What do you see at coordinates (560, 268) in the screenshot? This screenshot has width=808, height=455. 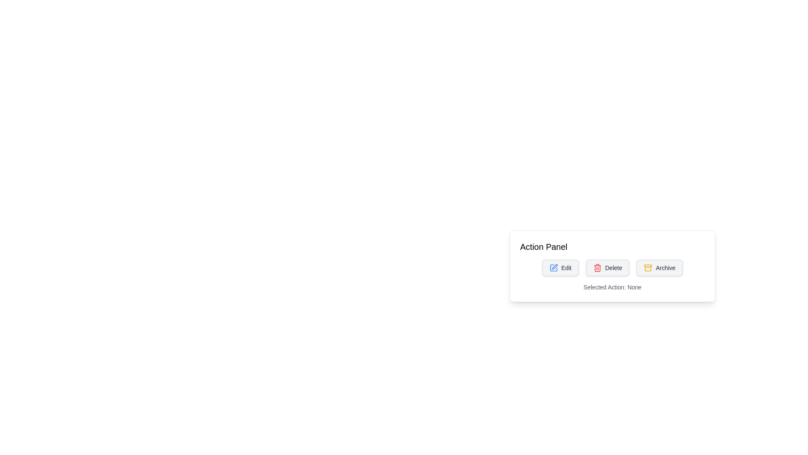 I see `the 'Edit' button, which is a rectangular button with rounded corners, light gray background, and a blue pen icon to initiate edit functionality` at bounding box center [560, 268].